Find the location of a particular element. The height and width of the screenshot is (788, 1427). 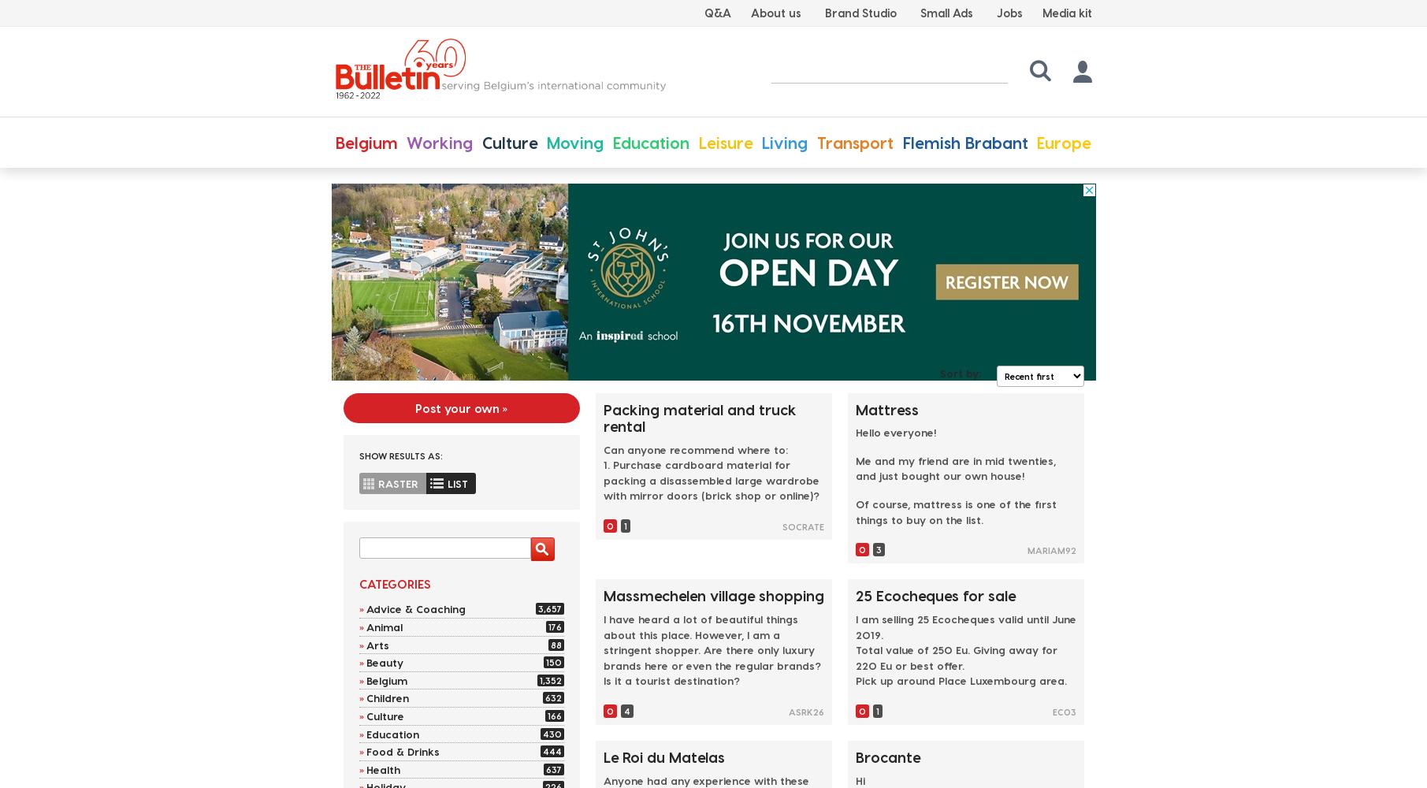

'Moving' is located at coordinates (546, 142).